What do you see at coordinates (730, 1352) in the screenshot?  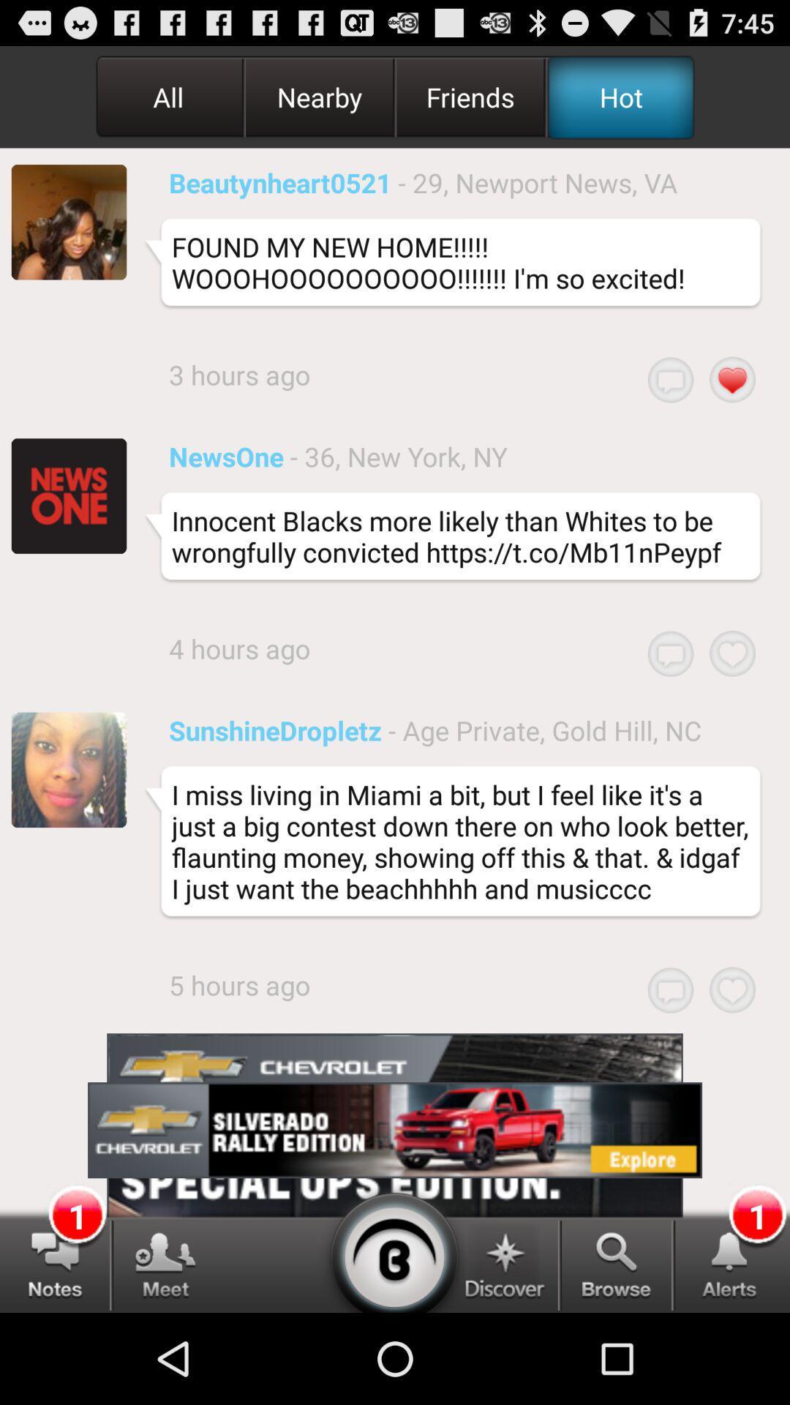 I see `the notifications icon` at bounding box center [730, 1352].